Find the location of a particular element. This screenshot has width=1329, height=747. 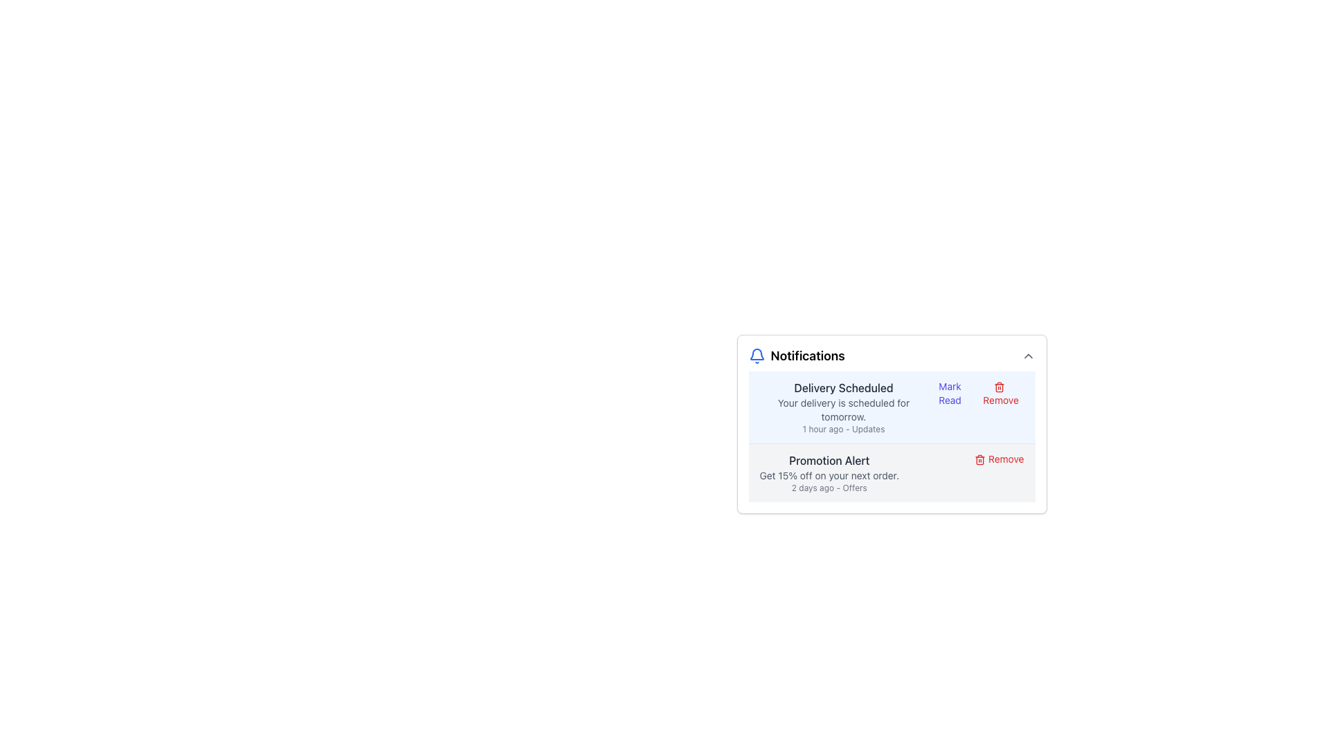

the 'Remove' button in the group of buttons located to the right of the 'Delivery Scheduled' notification is located at coordinates (975, 394).